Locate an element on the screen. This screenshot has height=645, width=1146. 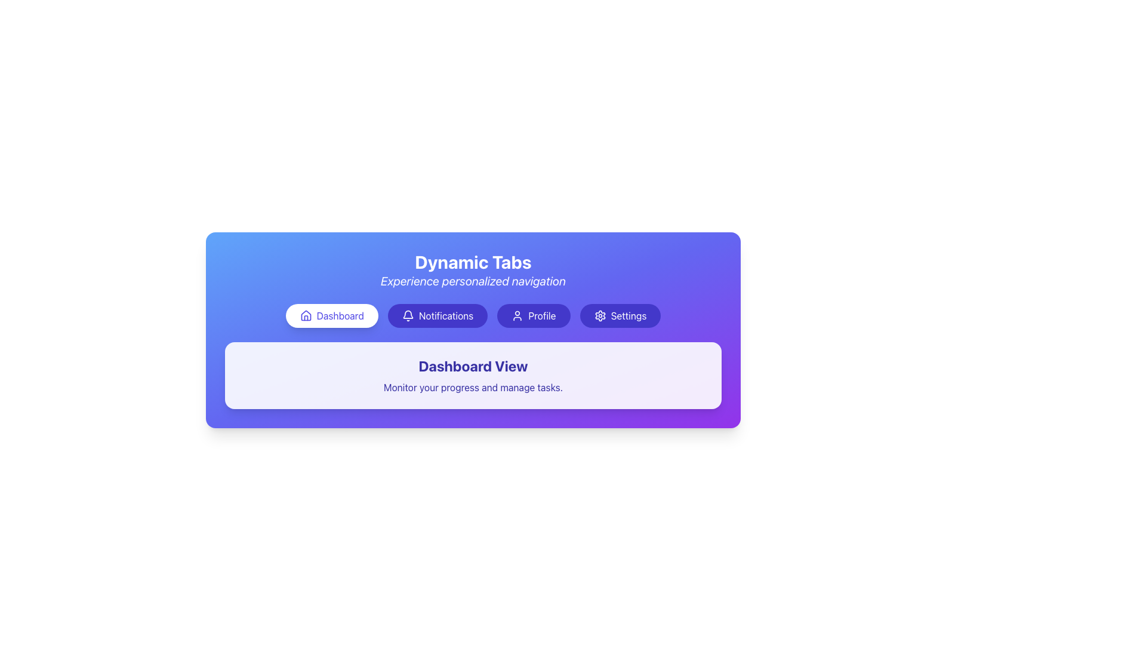
the 'Settings' button, which is a rounded rectangular button with a blue background and white text, located at the end of a row of buttons including 'Dashboard', 'Notifications', and 'Profile' is located at coordinates (620, 315).